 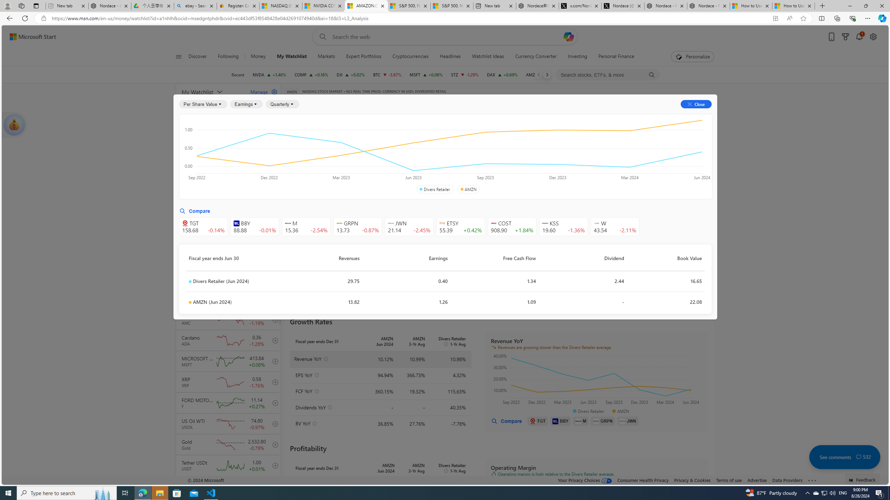 What do you see at coordinates (873, 37) in the screenshot?
I see `'Open settings'` at bounding box center [873, 37].